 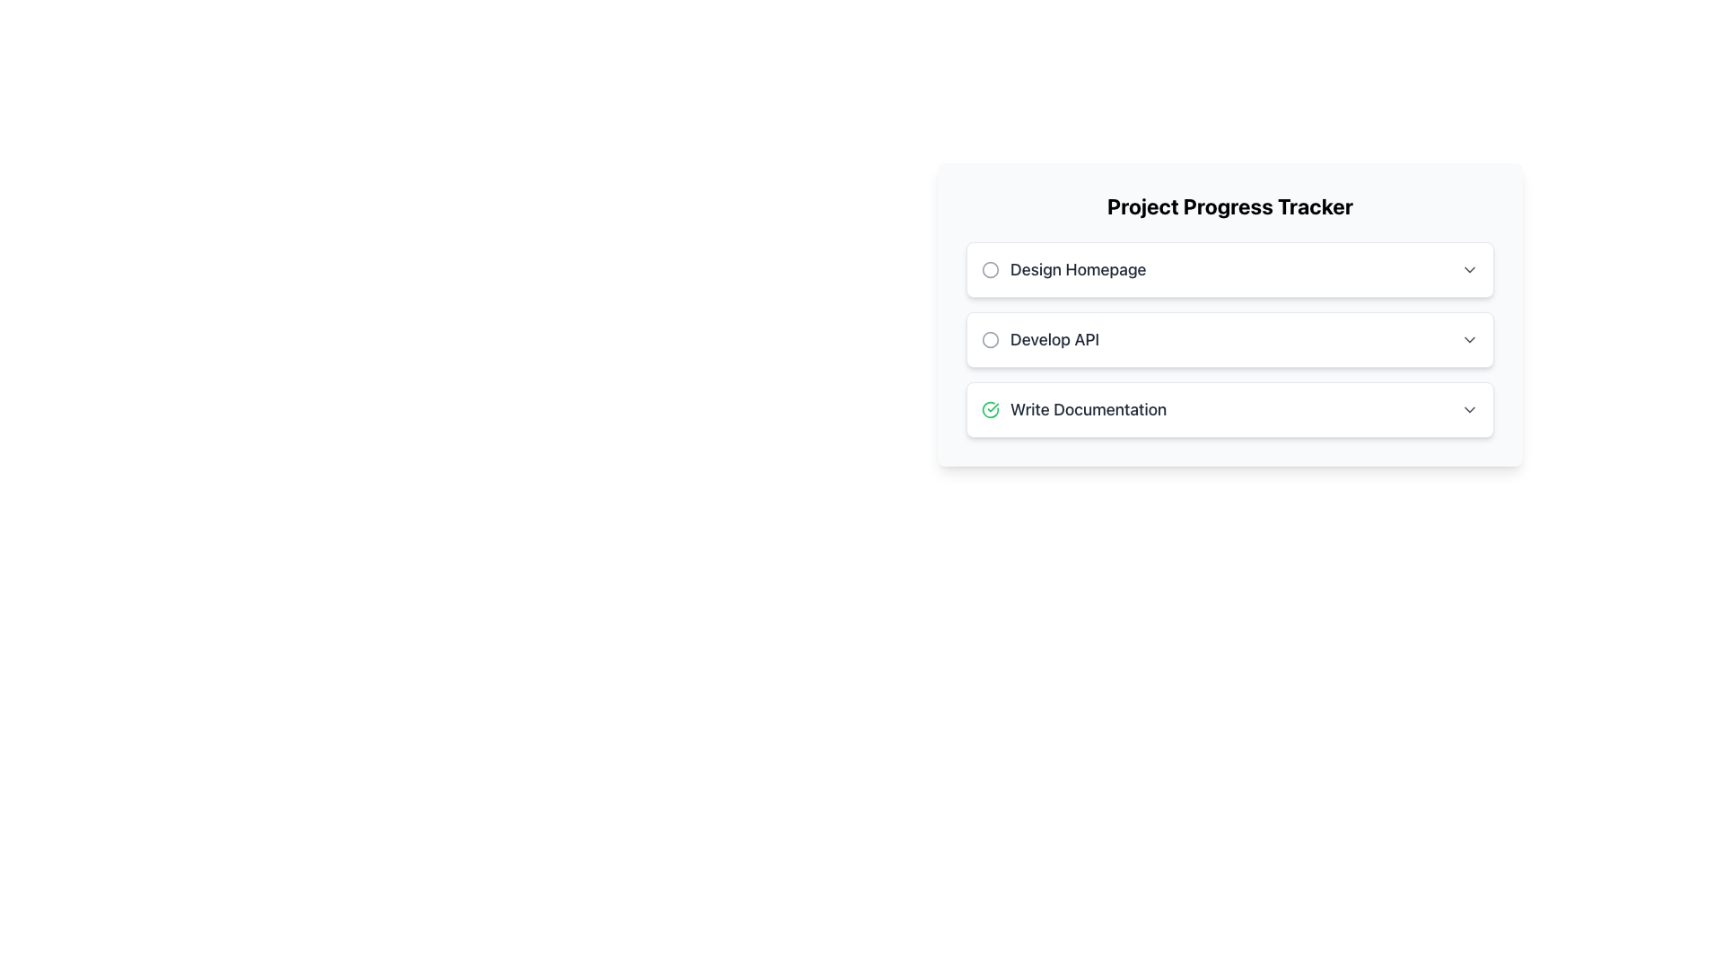 What do you see at coordinates (1040, 339) in the screenshot?
I see `the second option in the 'Project Progress Tracker' section of the progress tracker interface, which indicates progress on the 'Develop API' task` at bounding box center [1040, 339].